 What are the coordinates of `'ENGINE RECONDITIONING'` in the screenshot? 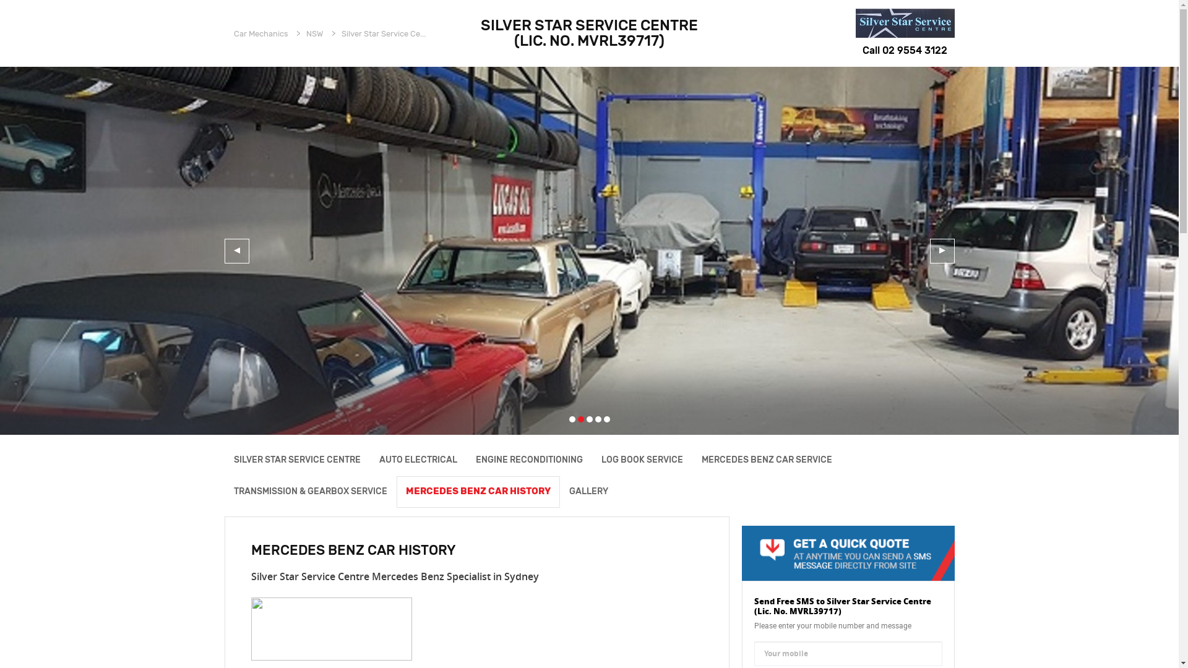 It's located at (529, 460).